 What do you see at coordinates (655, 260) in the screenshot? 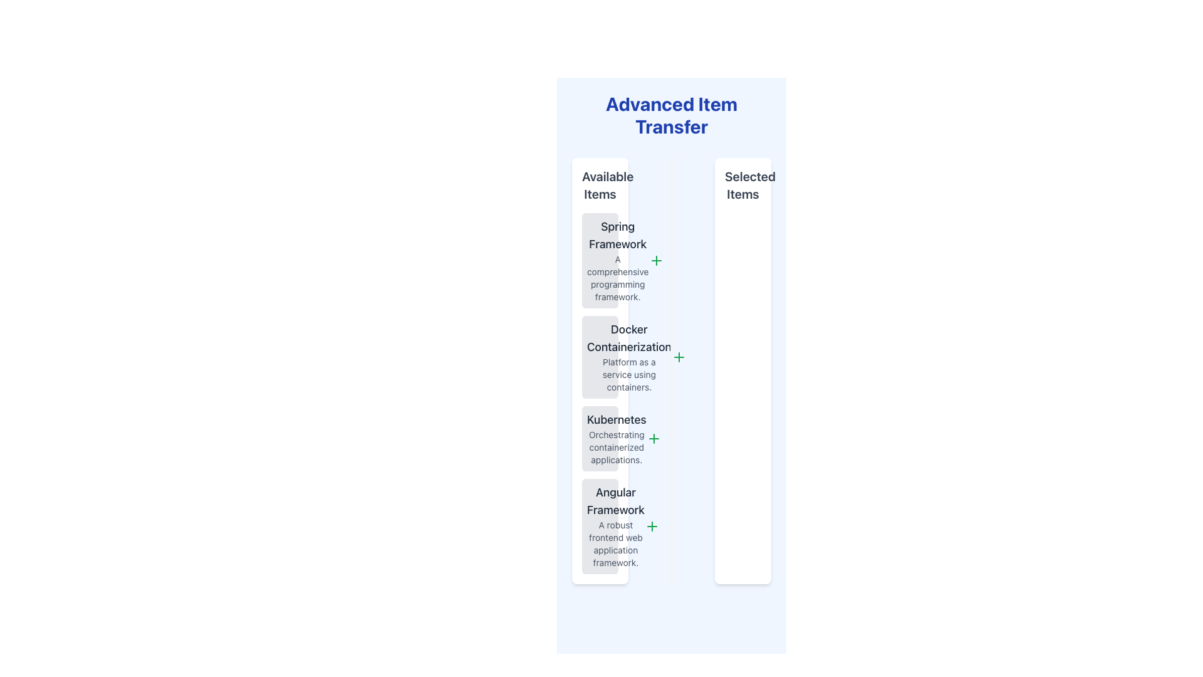
I see `the green plus icon button located in the upper right corner of the 'Spring Framework' item card in the 'Available Items' column` at bounding box center [655, 260].